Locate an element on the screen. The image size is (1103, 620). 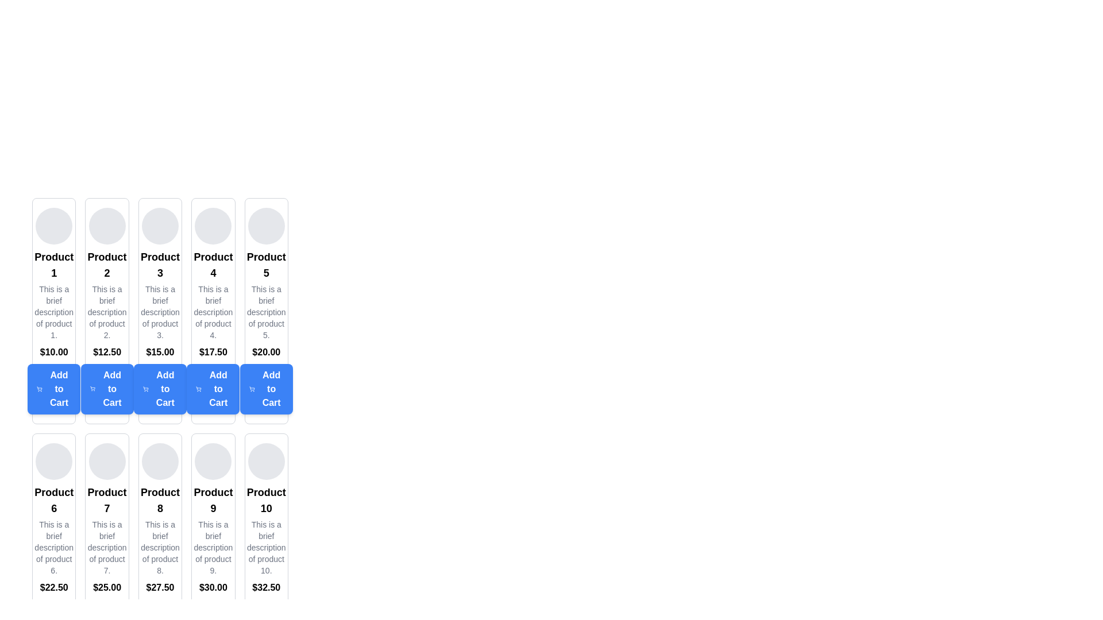
the button for 'Product 4' located below the price label '$17.50' is located at coordinates (213, 389).